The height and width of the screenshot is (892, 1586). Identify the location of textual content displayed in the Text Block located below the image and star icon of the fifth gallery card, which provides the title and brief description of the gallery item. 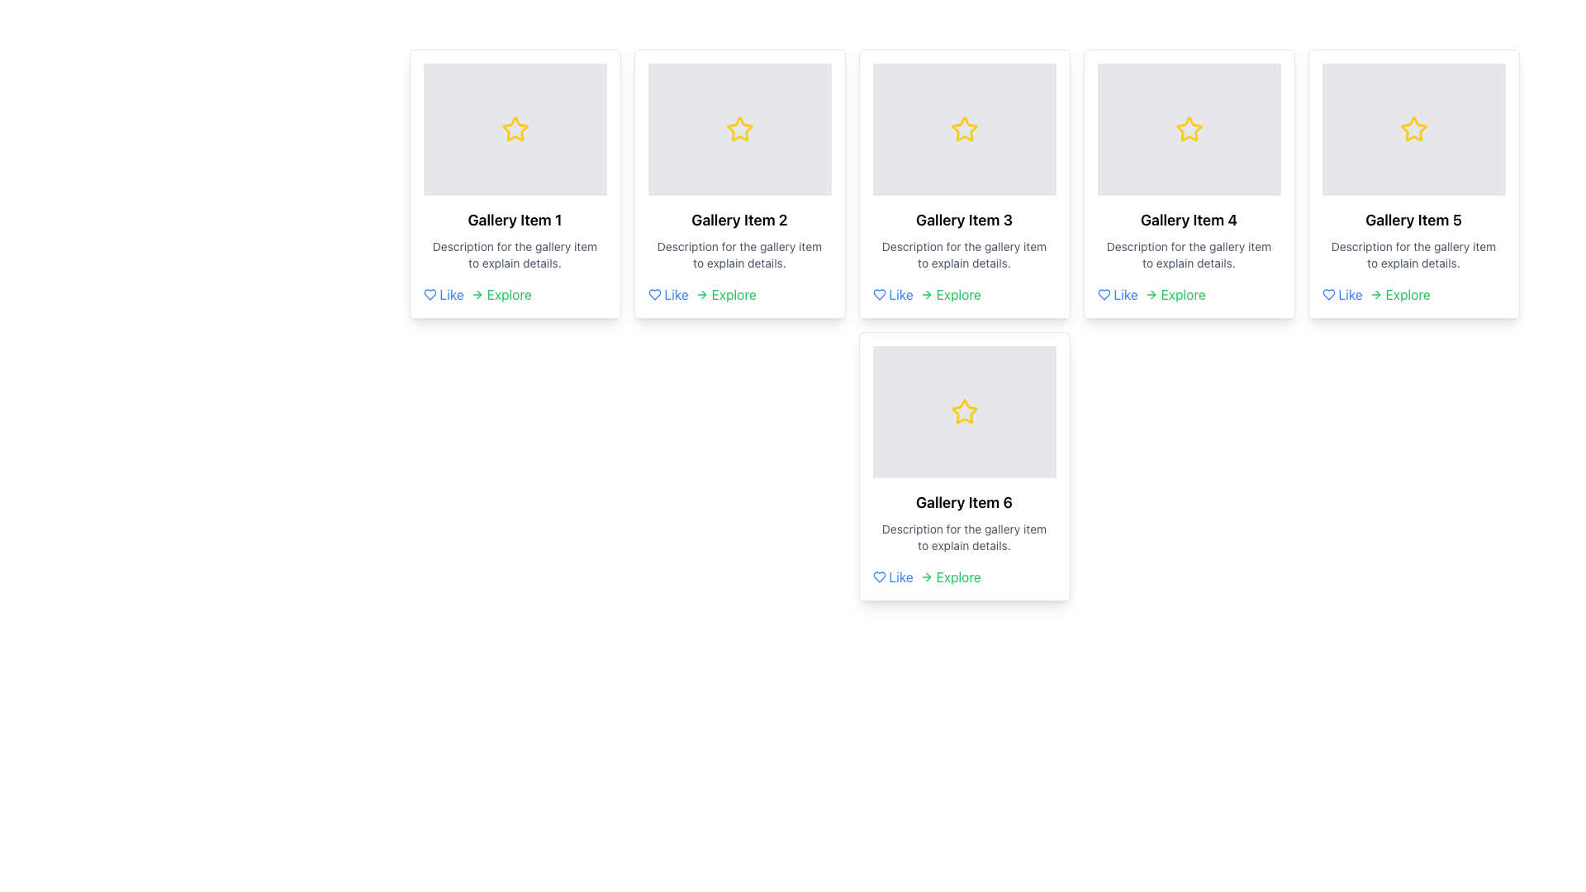
(1413, 240).